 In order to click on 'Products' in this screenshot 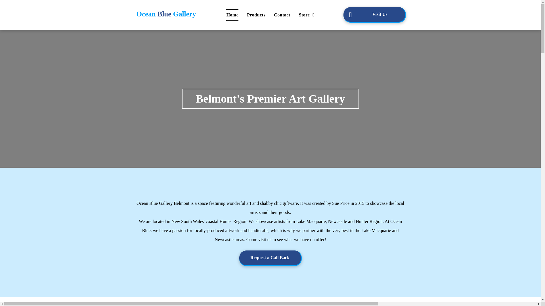, I will do `click(256, 15)`.